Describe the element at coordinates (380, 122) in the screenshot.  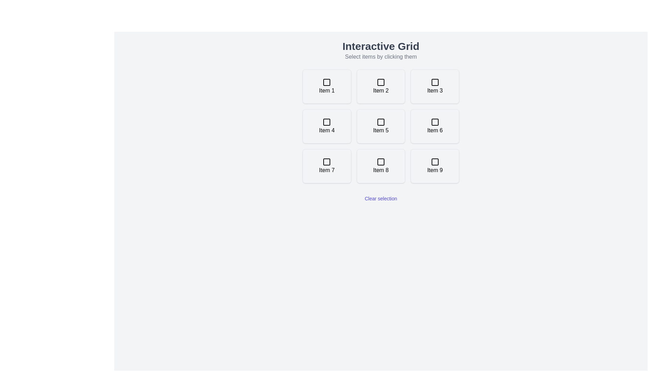
I see `the square checkbox icon located at the center of 'Item 5' in the grid layout` at that location.